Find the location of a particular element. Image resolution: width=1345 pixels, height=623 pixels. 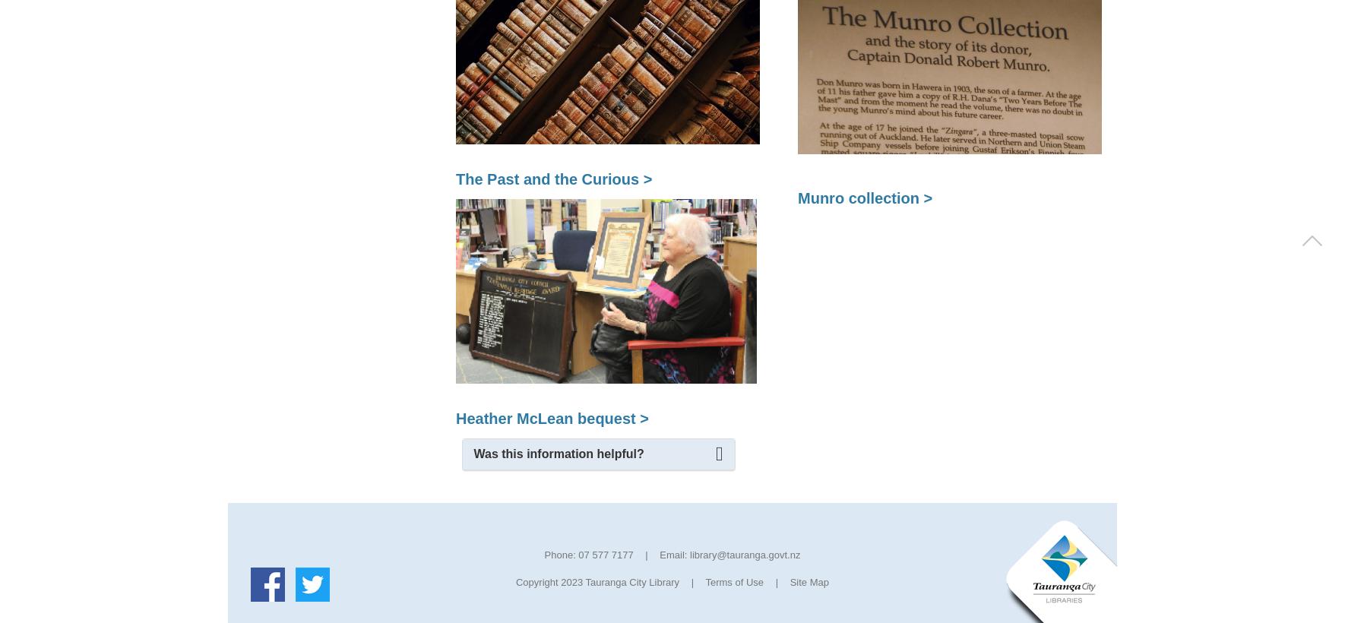

'Email:' is located at coordinates (672, 554).